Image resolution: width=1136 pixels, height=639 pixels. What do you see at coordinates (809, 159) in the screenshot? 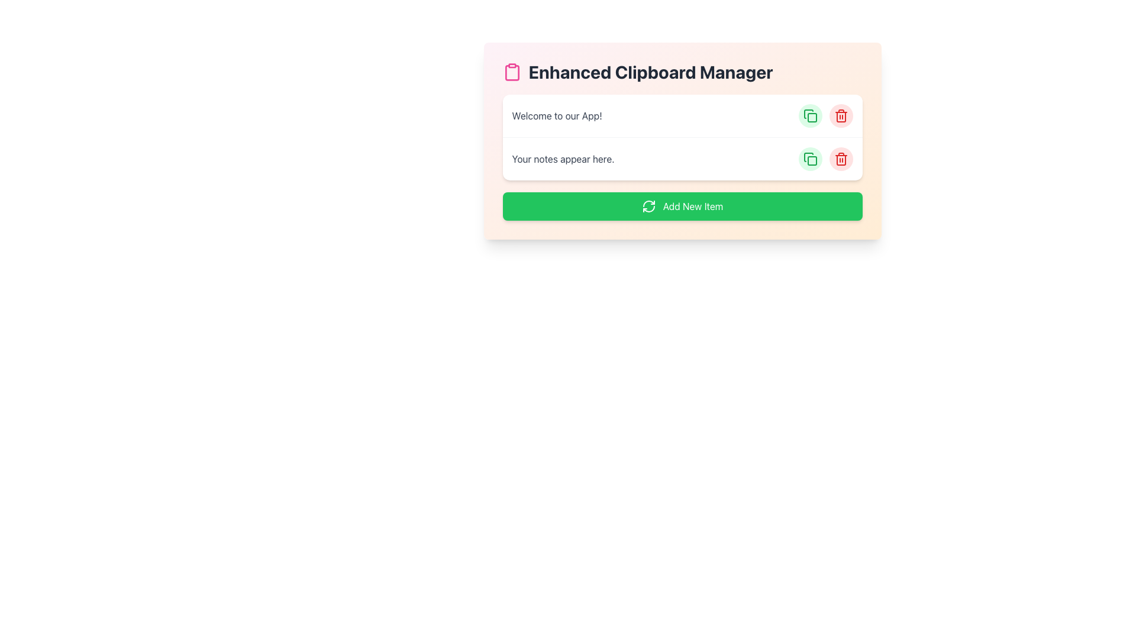
I see `the green rectangular icon with a double-square overlay design located to the right of the text 'Welcome to our App!' within a green circular button` at bounding box center [809, 159].